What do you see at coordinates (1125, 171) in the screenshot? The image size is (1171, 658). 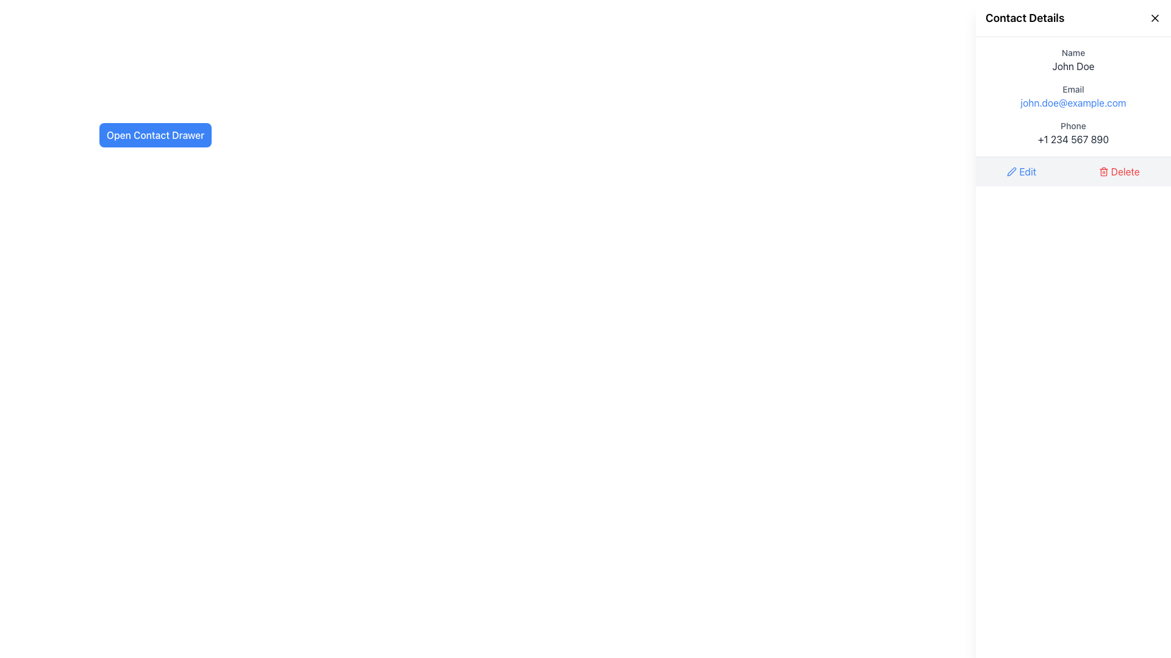 I see `the red text label reading 'Delete' located in the bottom-right section of the contact details interface, positioned to the right of the trash bin icon` at bounding box center [1125, 171].